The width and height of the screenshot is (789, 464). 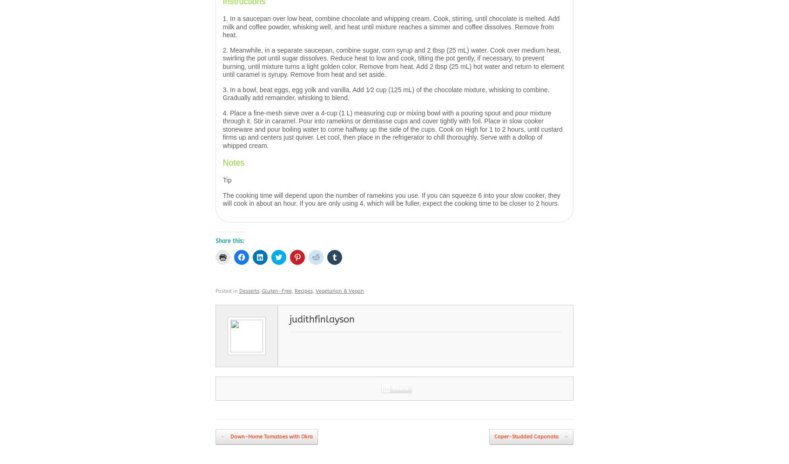 What do you see at coordinates (233, 162) in the screenshot?
I see `'Notes'` at bounding box center [233, 162].